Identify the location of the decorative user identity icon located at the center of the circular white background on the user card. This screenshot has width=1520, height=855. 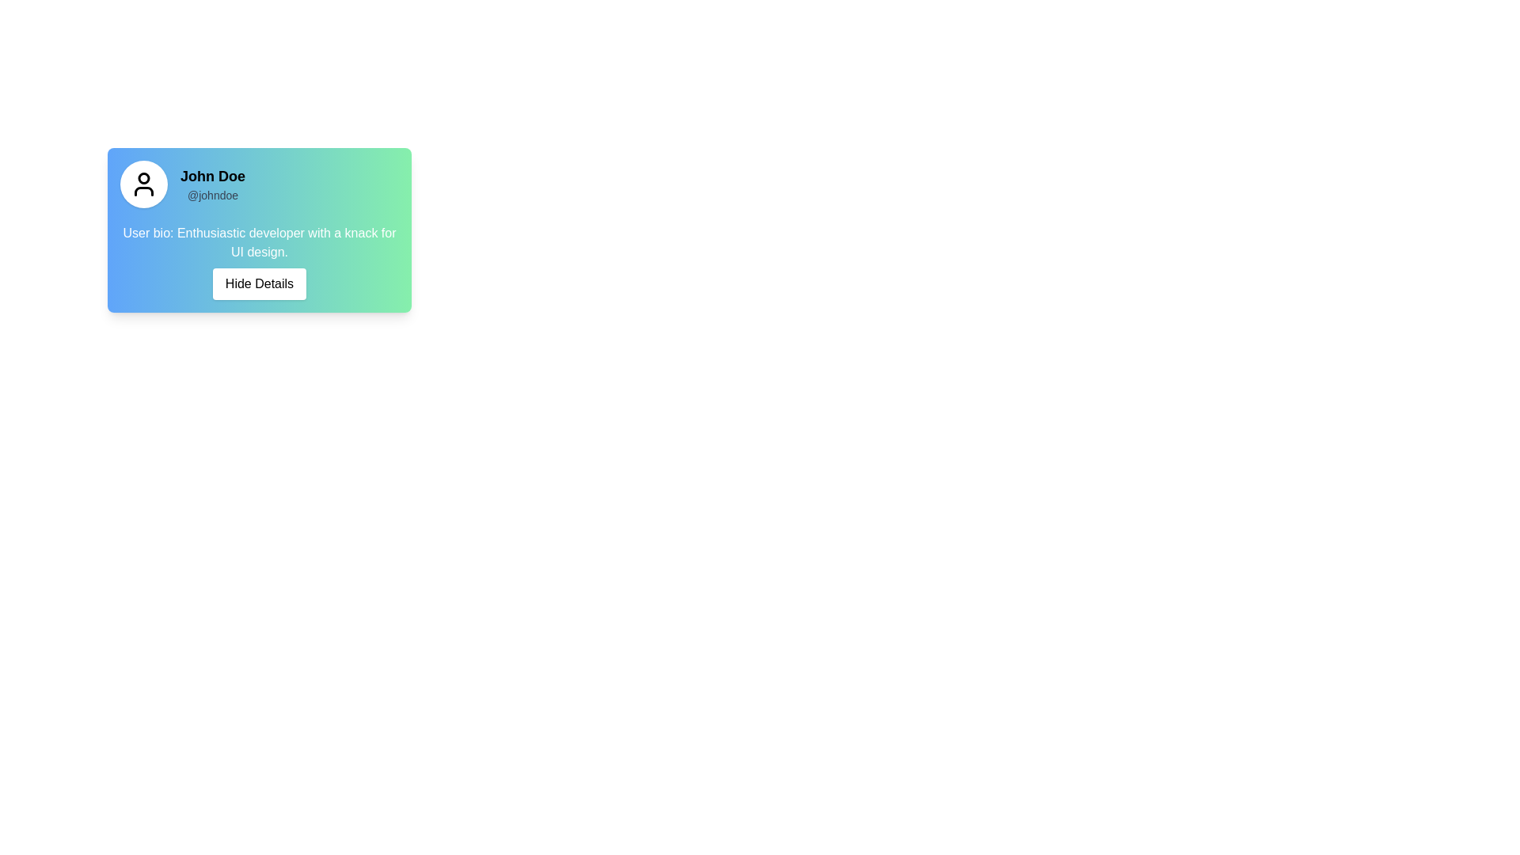
(144, 183).